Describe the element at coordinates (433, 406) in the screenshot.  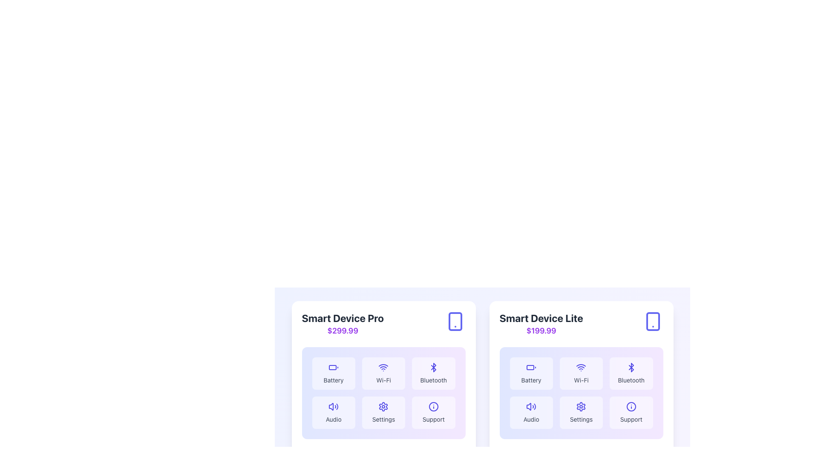
I see `the Information icon located in the lower-right corner of the 3x2 grid within the 'Smart Device Pro' interface in the 'Support' section` at that location.